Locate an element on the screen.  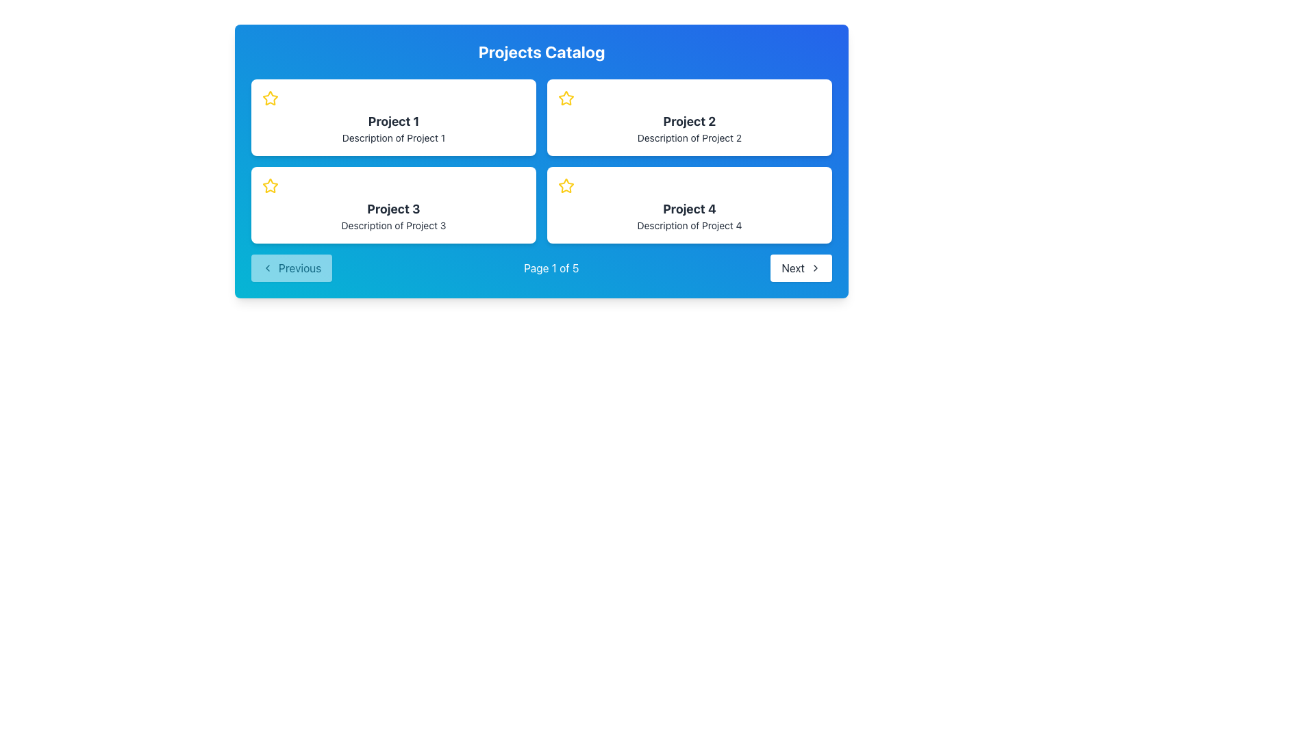
the third card titled 'Project 3' in the 'Projects Catalog' grid, which features a yellow star icon and a description below the title is located at coordinates (393, 205).